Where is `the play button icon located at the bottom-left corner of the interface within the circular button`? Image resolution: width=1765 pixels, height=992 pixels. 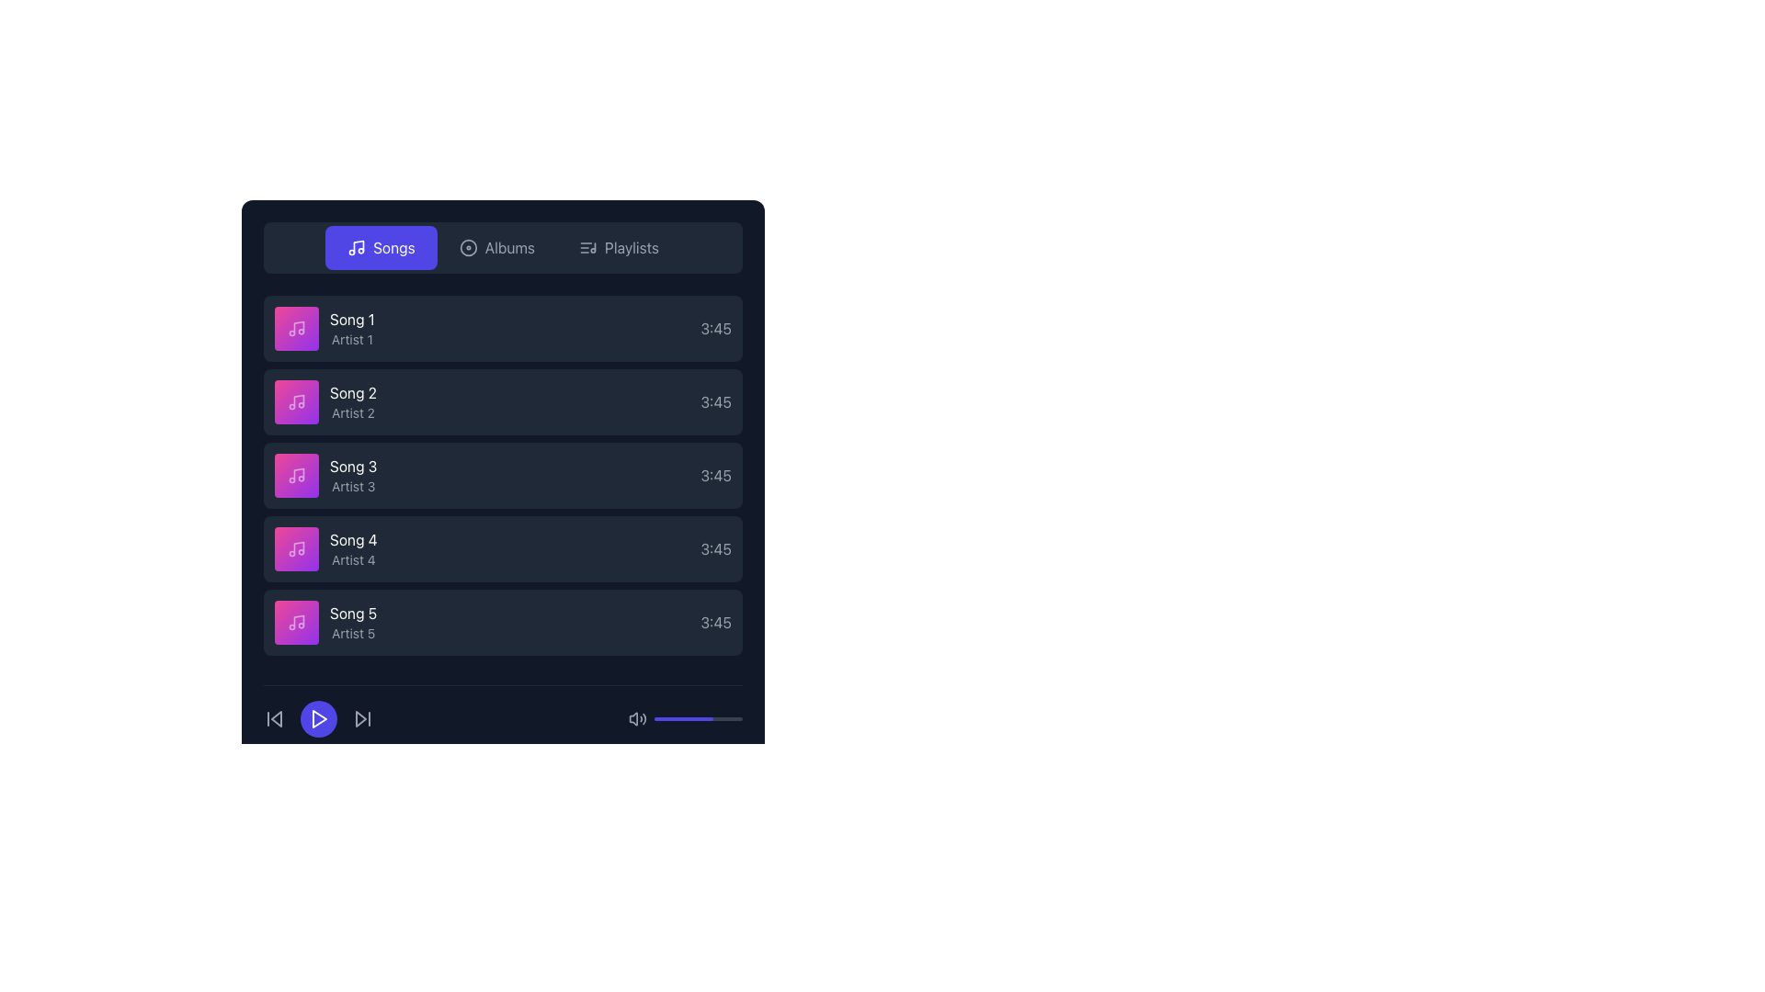
the play button icon located at the bottom-left corner of the interface within the circular button is located at coordinates (318, 718).